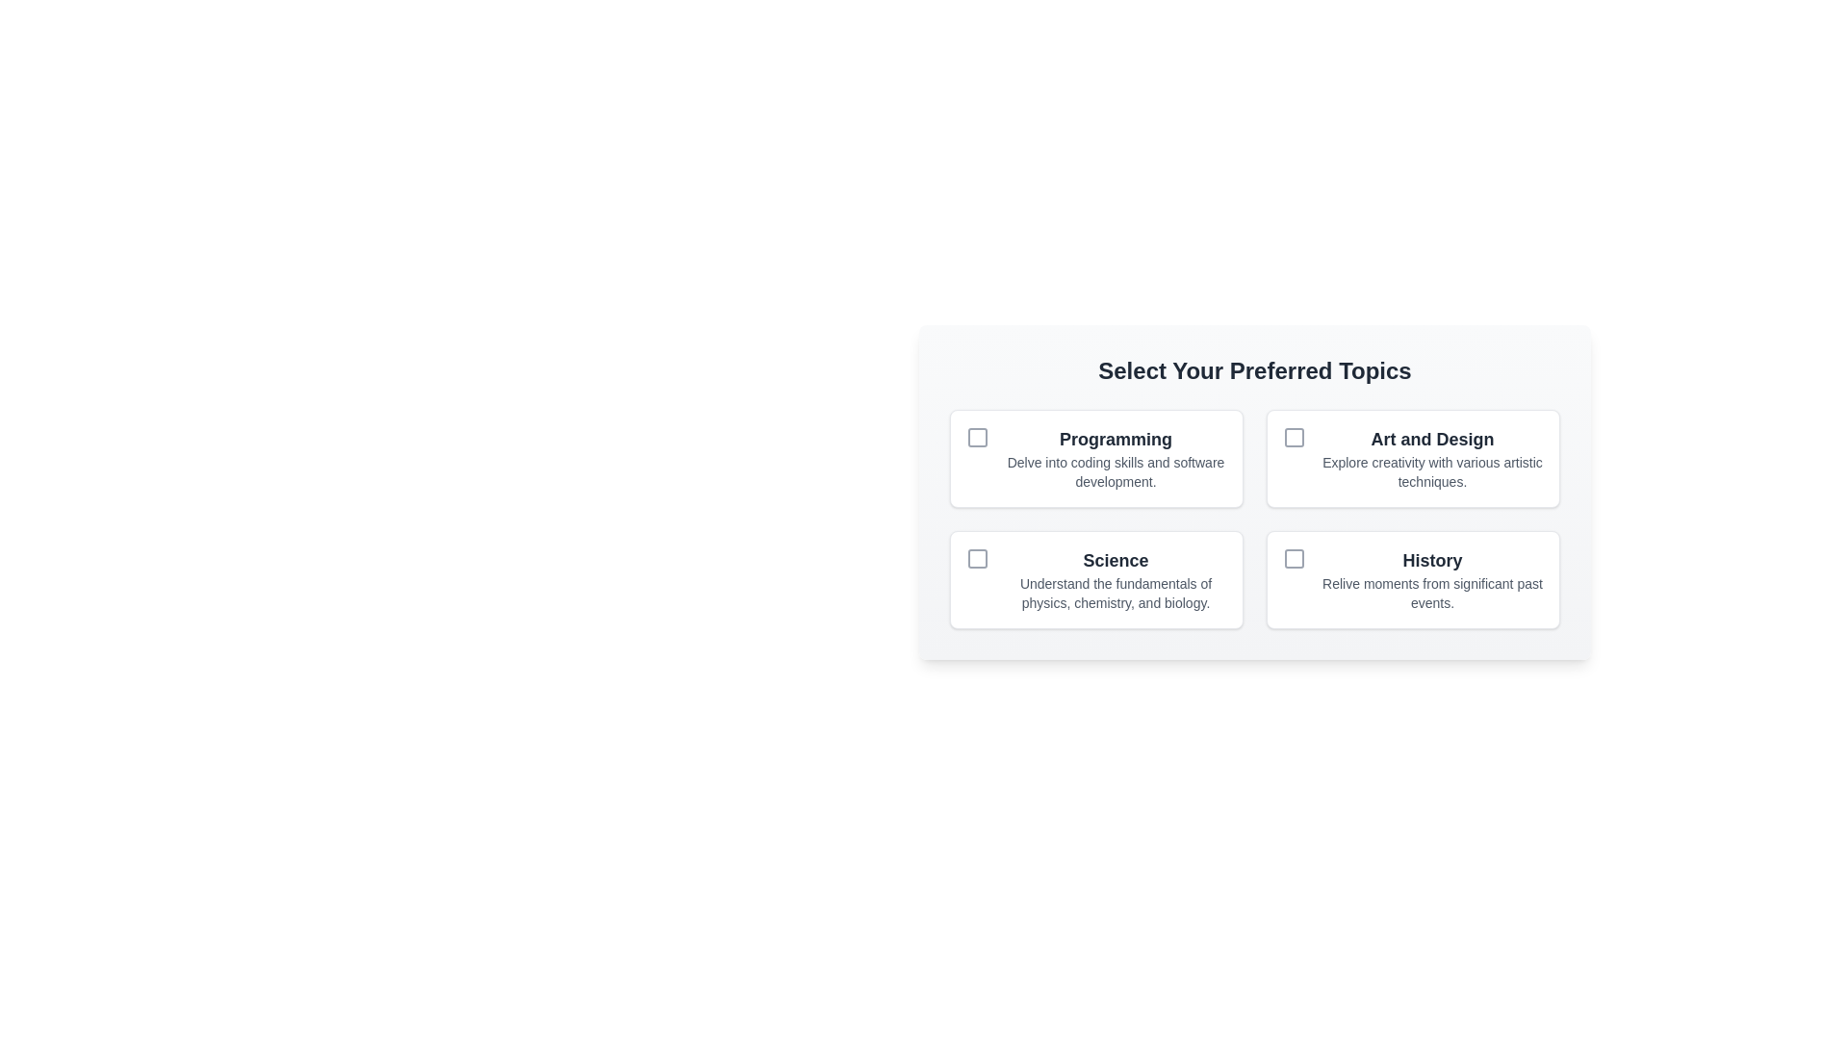 This screenshot has height=1039, width=1848. What do you see at coordinates (1116, 593) in the screenshot?
I see `the text label reading 'Understand the fundamentals of physics, chemistry, and biology.', which is styled with a smaller font size and gray color, positioned directly below the 'Science' heading in a rectangular card layout` at bounding box center [1116, 593].